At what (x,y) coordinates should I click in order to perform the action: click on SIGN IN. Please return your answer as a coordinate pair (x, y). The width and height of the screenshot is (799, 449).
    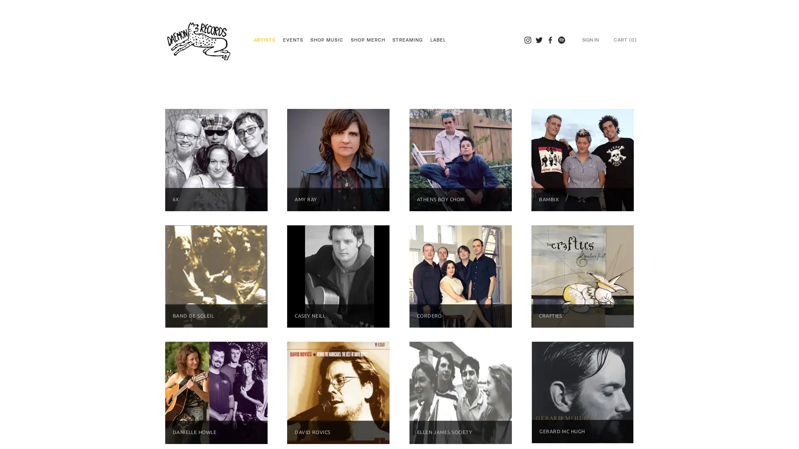
    Looking at the image, I should click on (590, 39).